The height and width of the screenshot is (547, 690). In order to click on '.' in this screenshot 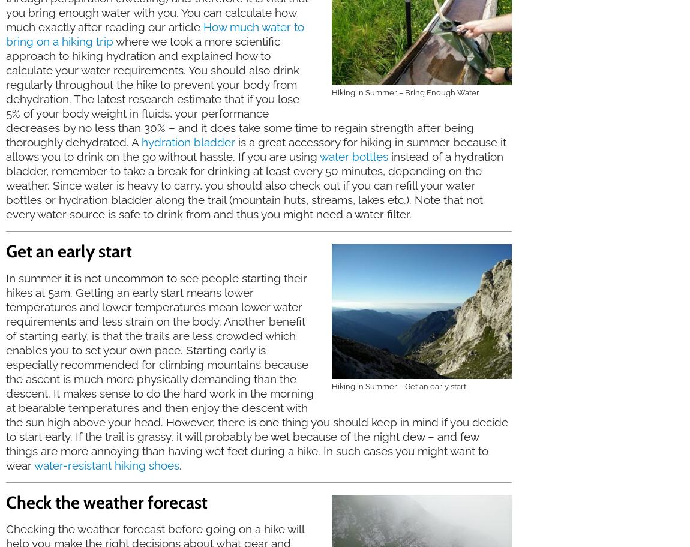, I will do `click(180, 465)`.